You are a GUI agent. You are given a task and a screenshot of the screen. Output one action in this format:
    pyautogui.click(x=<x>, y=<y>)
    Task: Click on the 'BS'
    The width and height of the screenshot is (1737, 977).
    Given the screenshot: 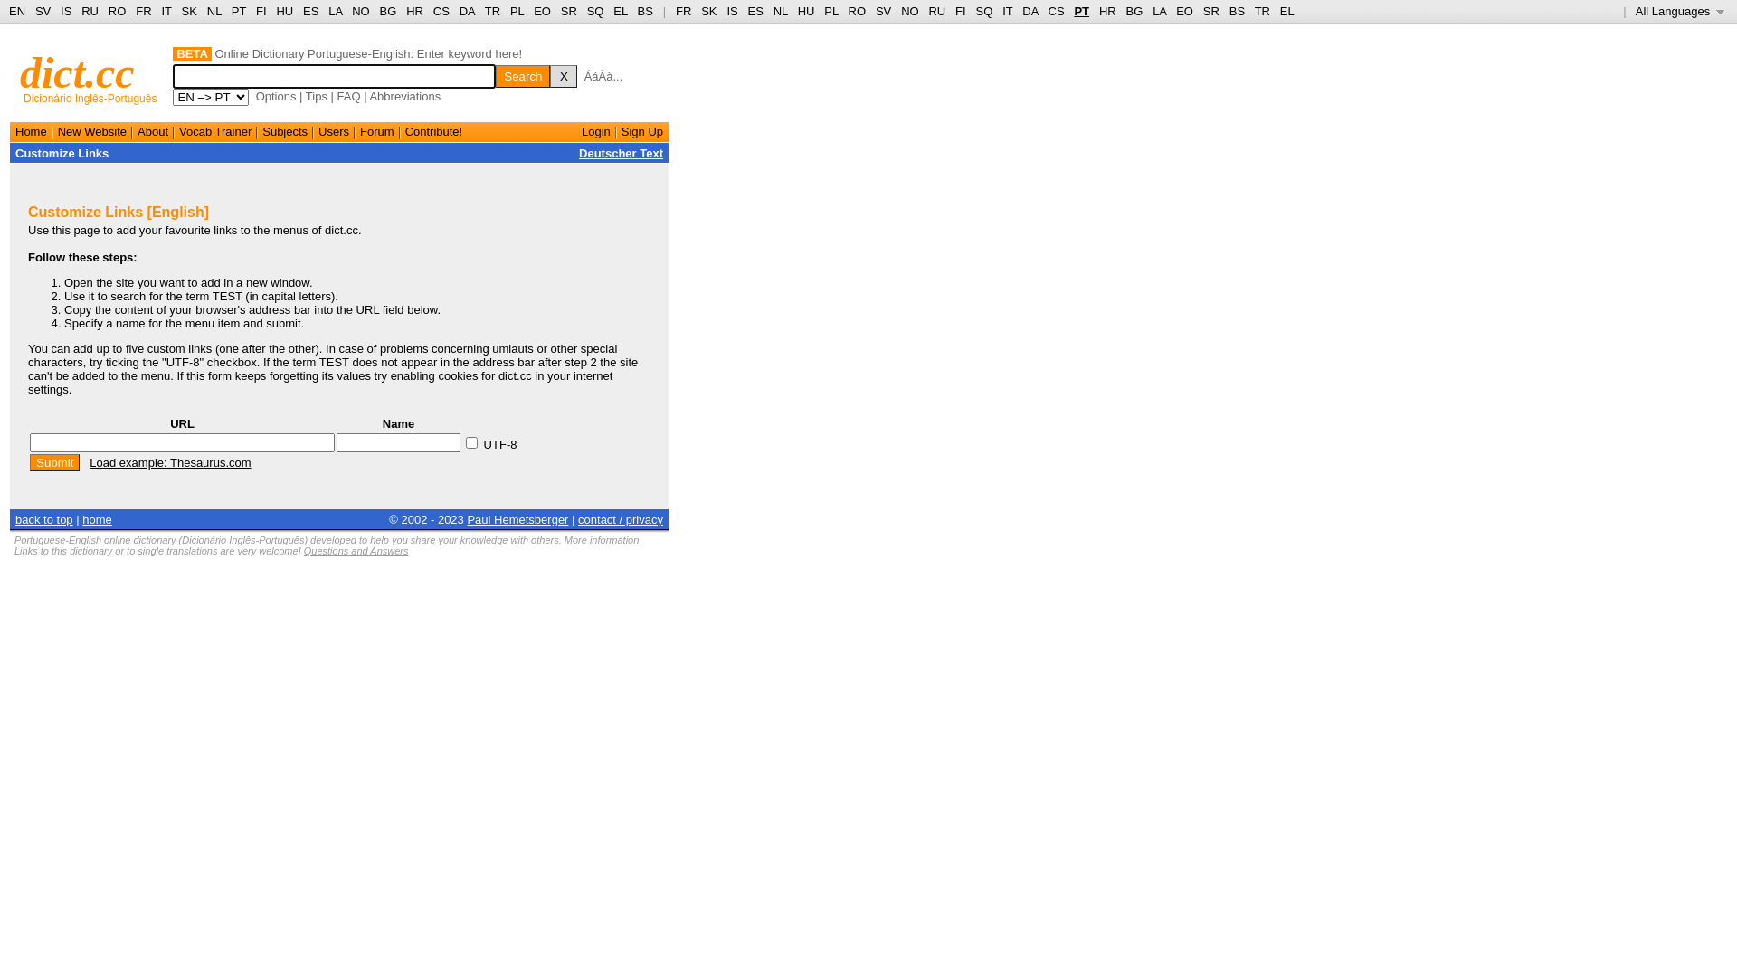 What is the action you would take?
    pyautogui.click(x=645, y=11)
    